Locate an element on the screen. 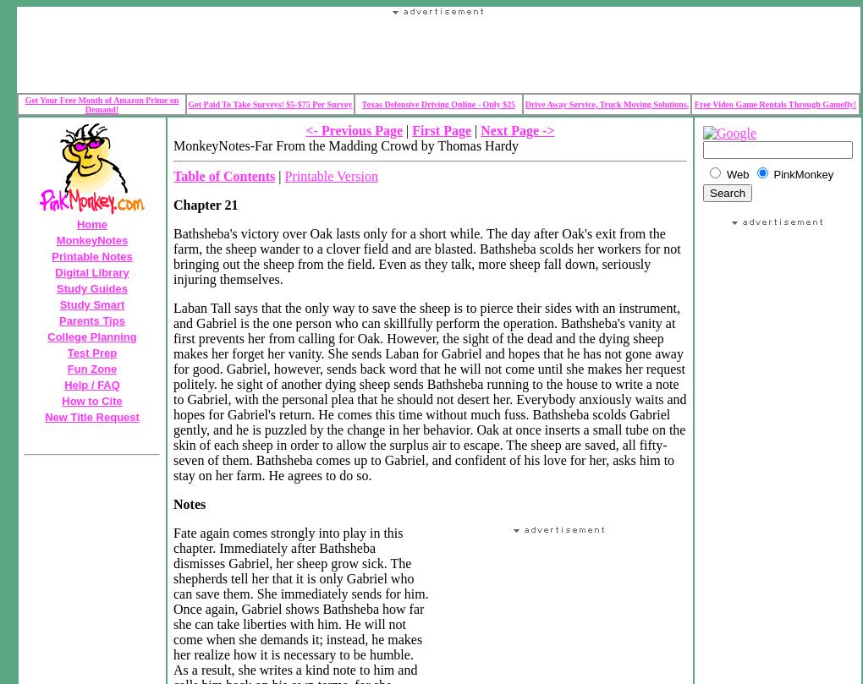 The image size is (863, 684). 'Parents 
Tips' is located at coordinates (91, 320).